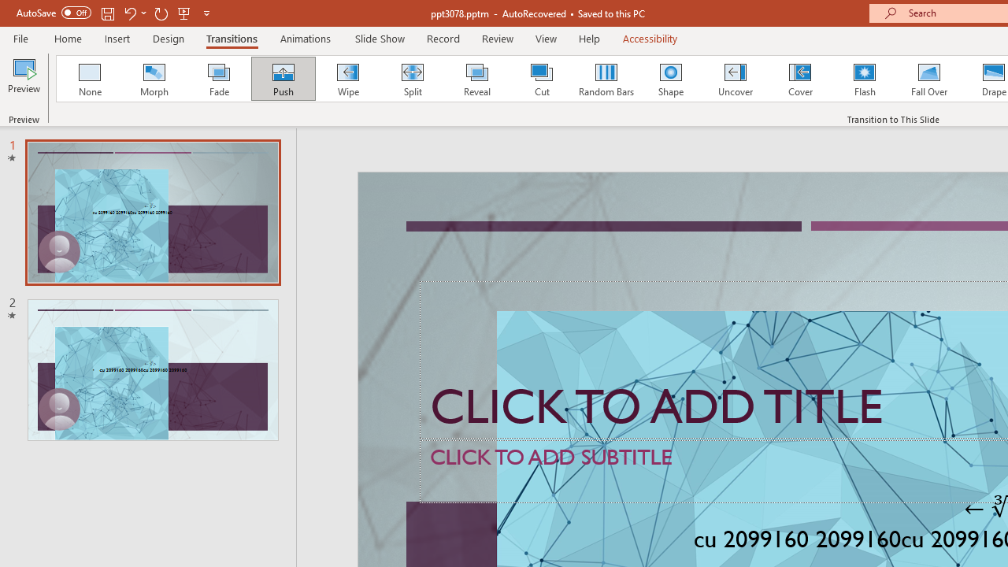 The image size is (1008, 567). What do you see at coordinates (184, 13) in the screenshot?
I see `'From Beginning'` at bounding box center [184, 13].